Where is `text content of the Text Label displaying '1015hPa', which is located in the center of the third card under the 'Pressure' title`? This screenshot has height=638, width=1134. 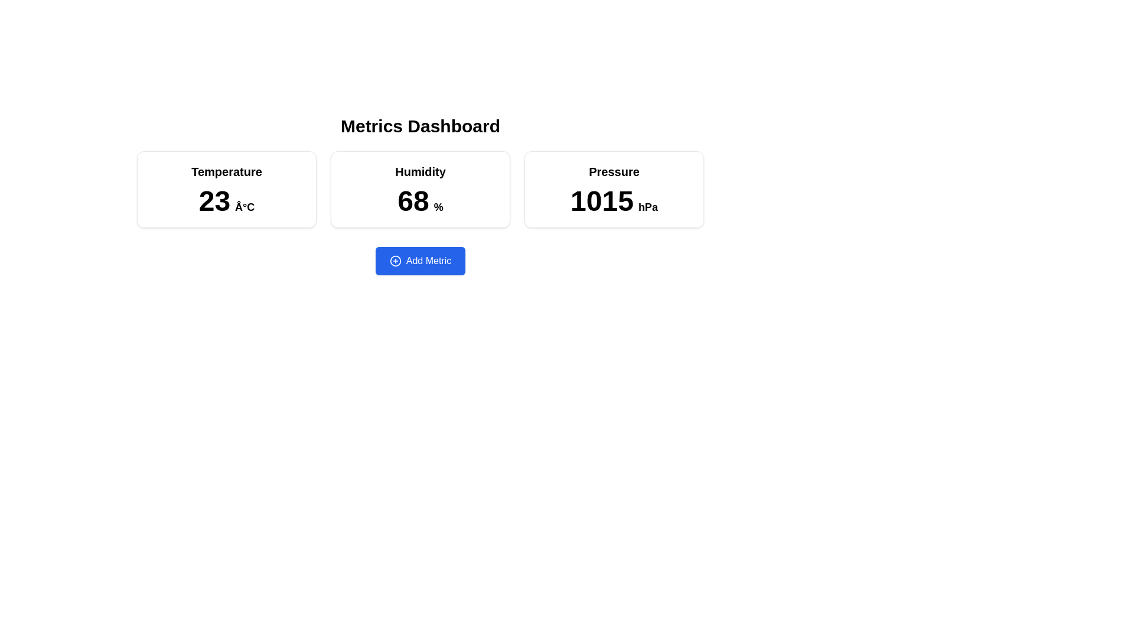 text content of the Text Label displaying '1015hPa', which is located in the center of the third card under the 'Pressure' title is located at coordinates (614, 200).